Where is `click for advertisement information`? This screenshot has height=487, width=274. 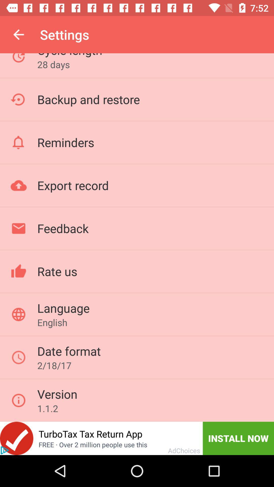
click for advertisement information is located at coordinates (5, 450).